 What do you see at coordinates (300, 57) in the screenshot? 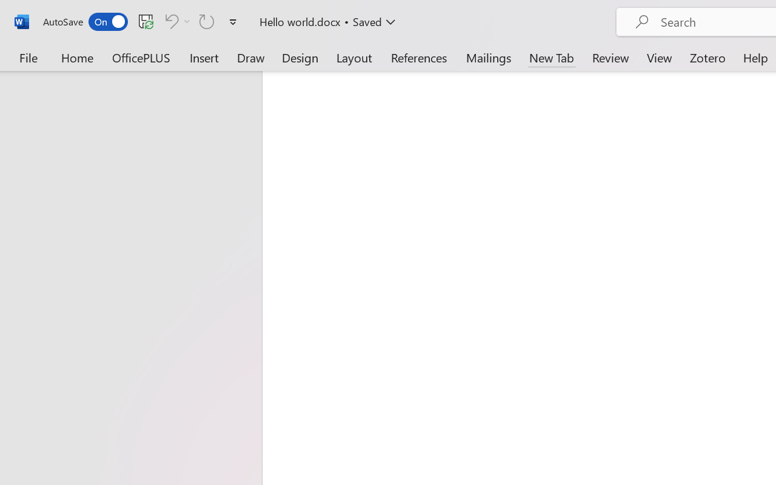
I see `'Design'` at bounding box center [300, 57].